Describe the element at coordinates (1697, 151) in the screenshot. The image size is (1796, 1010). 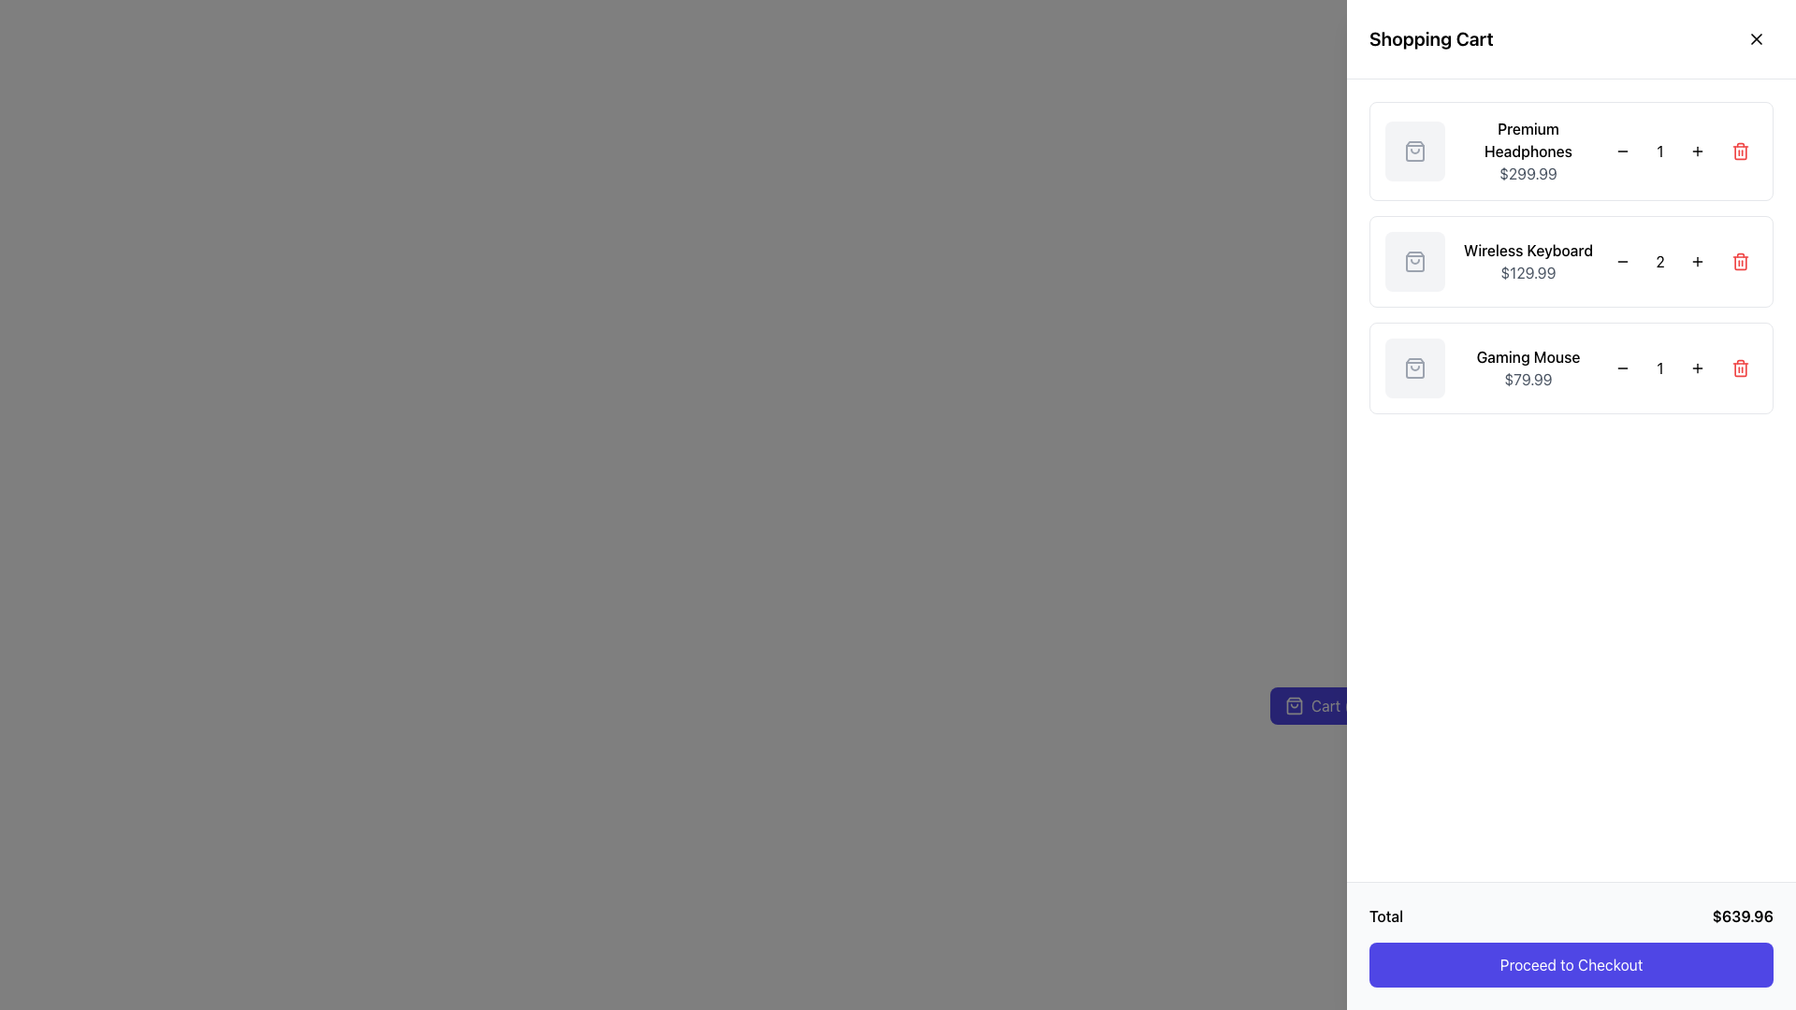
I see `the circular button with a plus icon for 'Premium Headphones' in the shopping cart` at that location.